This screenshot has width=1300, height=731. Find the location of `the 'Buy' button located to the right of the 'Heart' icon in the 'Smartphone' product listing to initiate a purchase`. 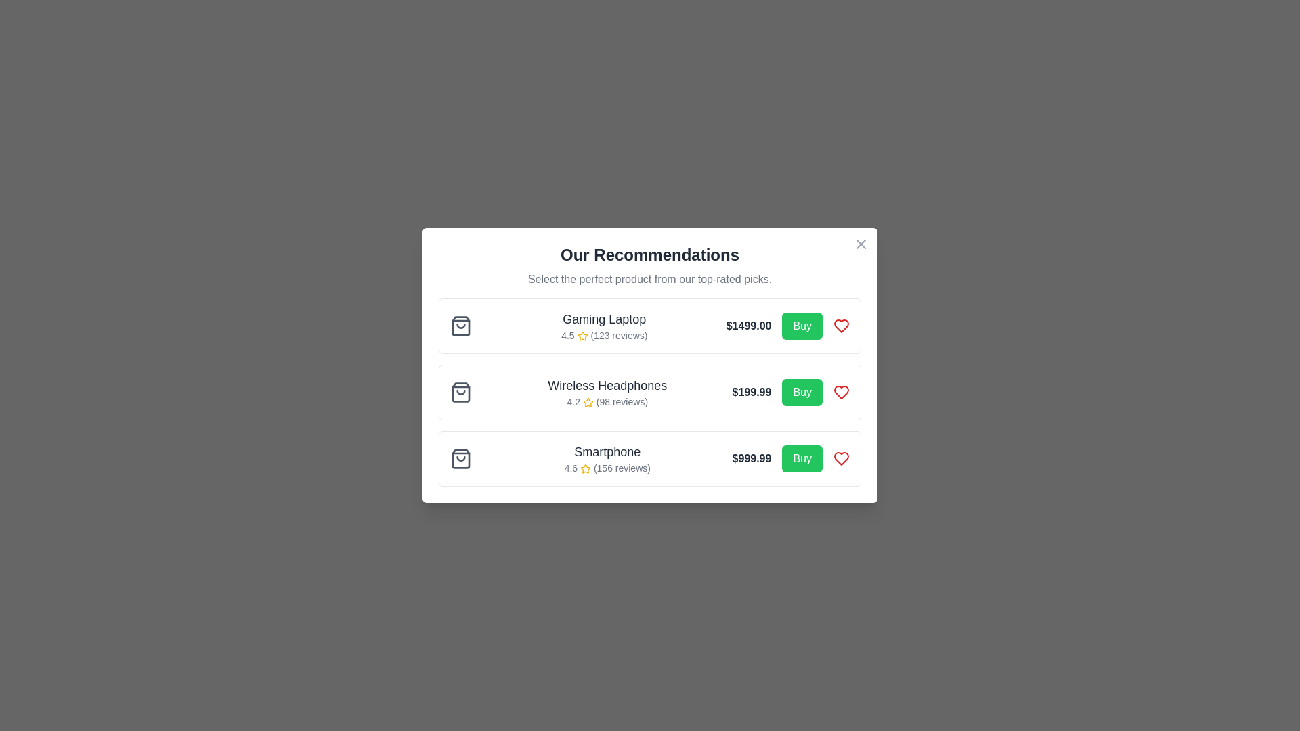

the 'Buy' button located to the right of the 'Heart' icon in the 'Smartphone' product listing to initiate a purchase is located at coordinates (802, 458).